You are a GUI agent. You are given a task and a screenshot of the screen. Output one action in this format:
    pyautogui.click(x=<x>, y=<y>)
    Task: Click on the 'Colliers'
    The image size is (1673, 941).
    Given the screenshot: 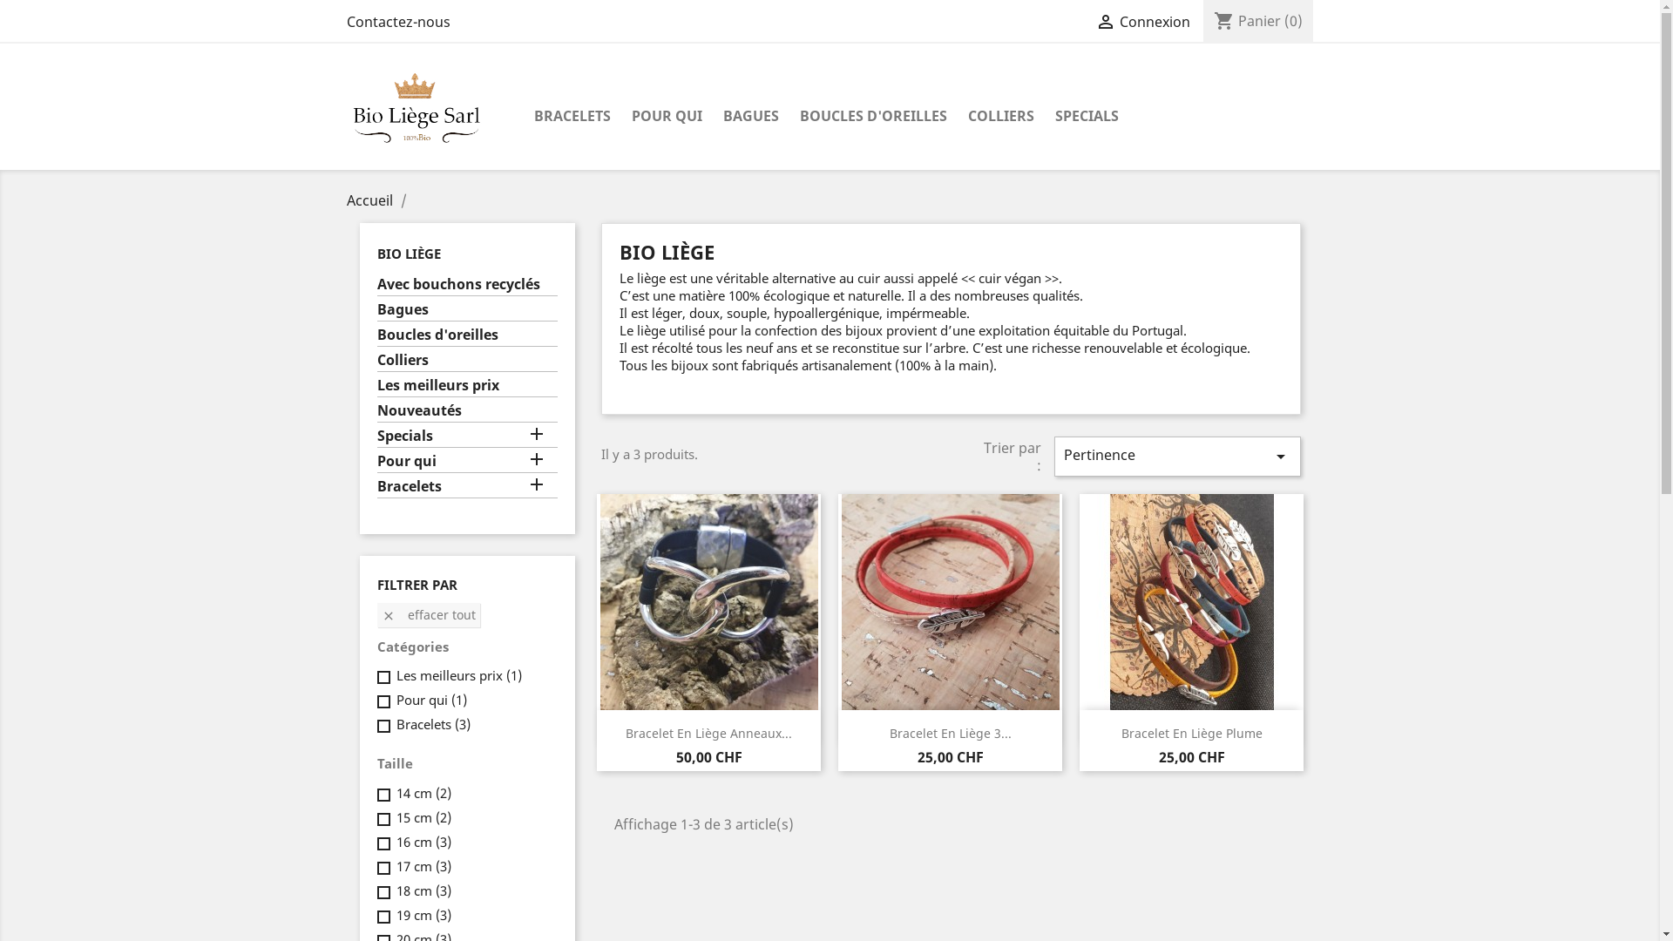 What is the action you would take?
    pyautogui.click(x=467, y=361)
    